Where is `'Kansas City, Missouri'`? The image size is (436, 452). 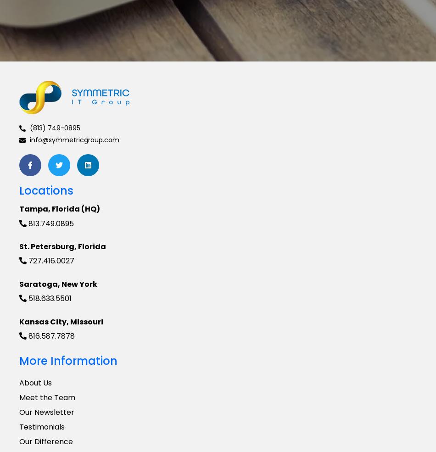
'Kansas City, Missouri' is located at coordinates (61, 321).